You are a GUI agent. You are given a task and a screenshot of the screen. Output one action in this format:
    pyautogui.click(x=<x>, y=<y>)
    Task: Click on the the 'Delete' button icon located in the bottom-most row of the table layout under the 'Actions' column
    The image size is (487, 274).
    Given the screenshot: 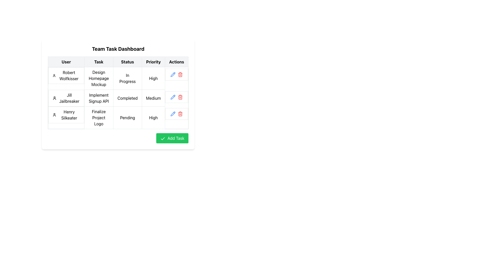 What is the action you would take?
    pyautogui.click(x=180, y=113)
    